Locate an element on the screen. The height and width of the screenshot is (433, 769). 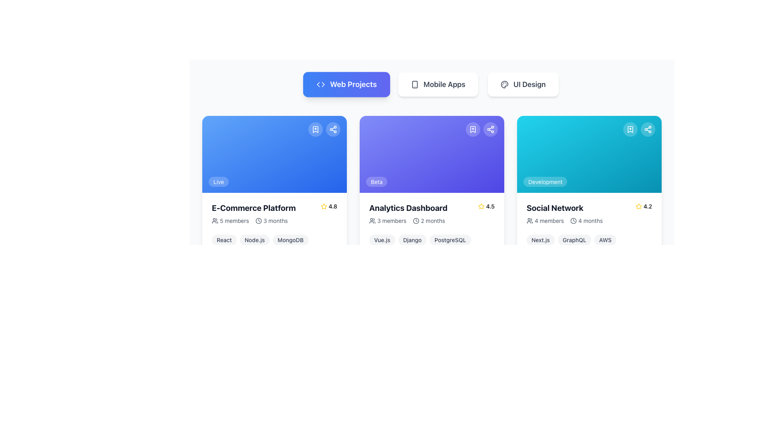
the 'Mobile Apps' button in the navigation menu is located at coordinates (431, 85).